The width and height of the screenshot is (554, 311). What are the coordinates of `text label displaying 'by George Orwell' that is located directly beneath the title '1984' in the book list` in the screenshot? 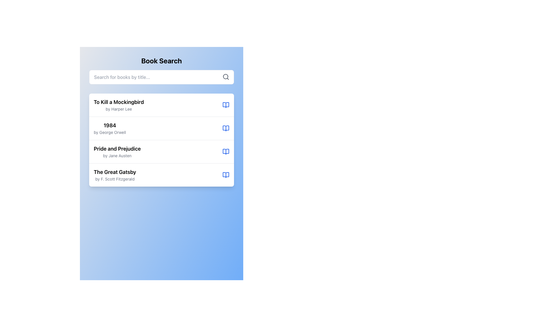 It's located at (110, 132).